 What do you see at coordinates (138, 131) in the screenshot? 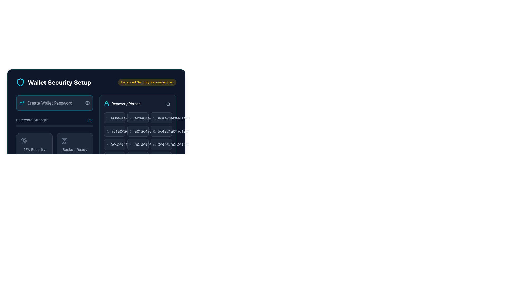
I see `label in the fifth box of a 3-column grid layout, located in the second row and middle column, adjacent to '4.' on the left and '6.' on the right` at bounding box center [138, 131].